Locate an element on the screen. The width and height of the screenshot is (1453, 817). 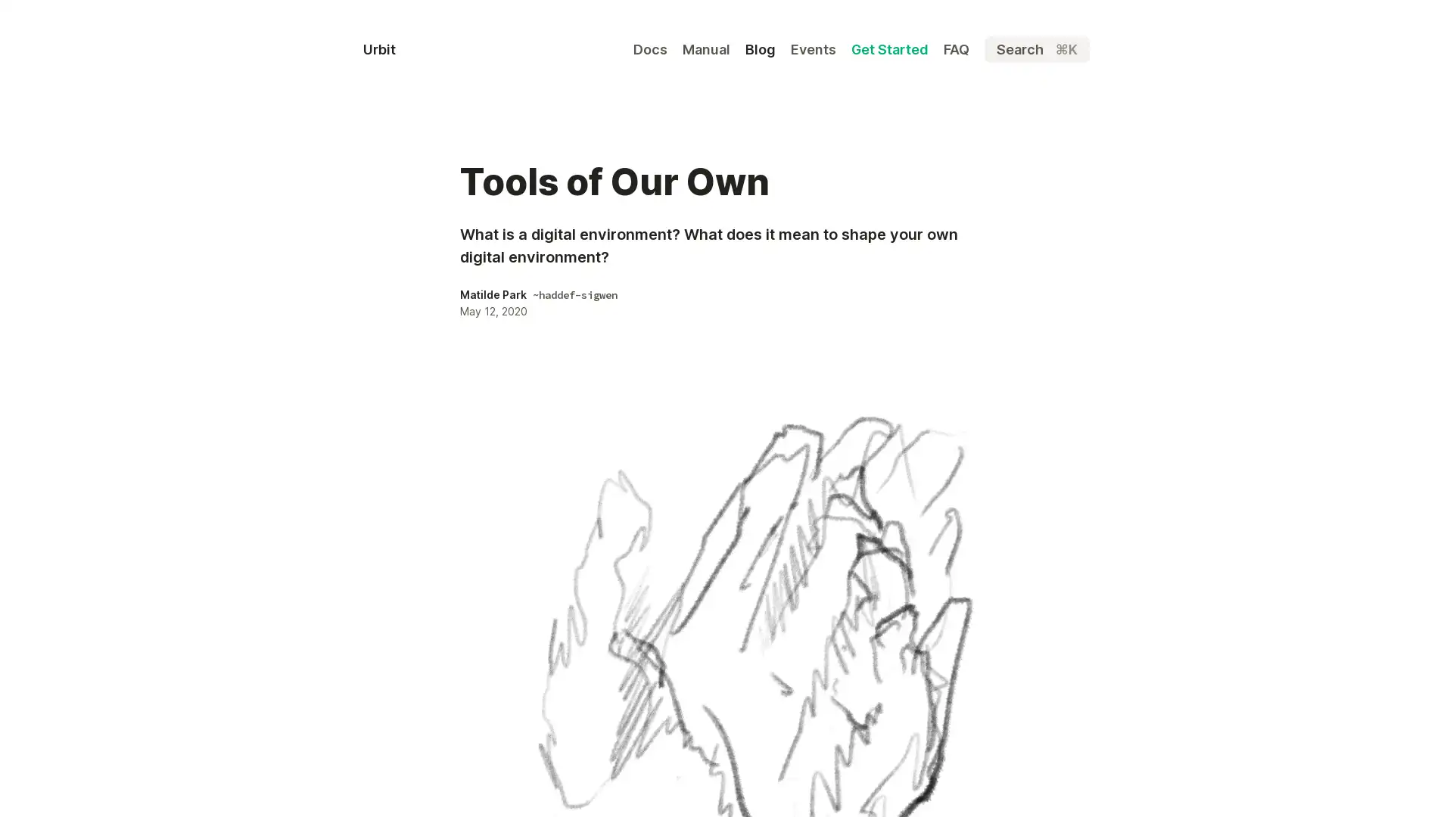
Search K is located at coordinates (1036, 48).